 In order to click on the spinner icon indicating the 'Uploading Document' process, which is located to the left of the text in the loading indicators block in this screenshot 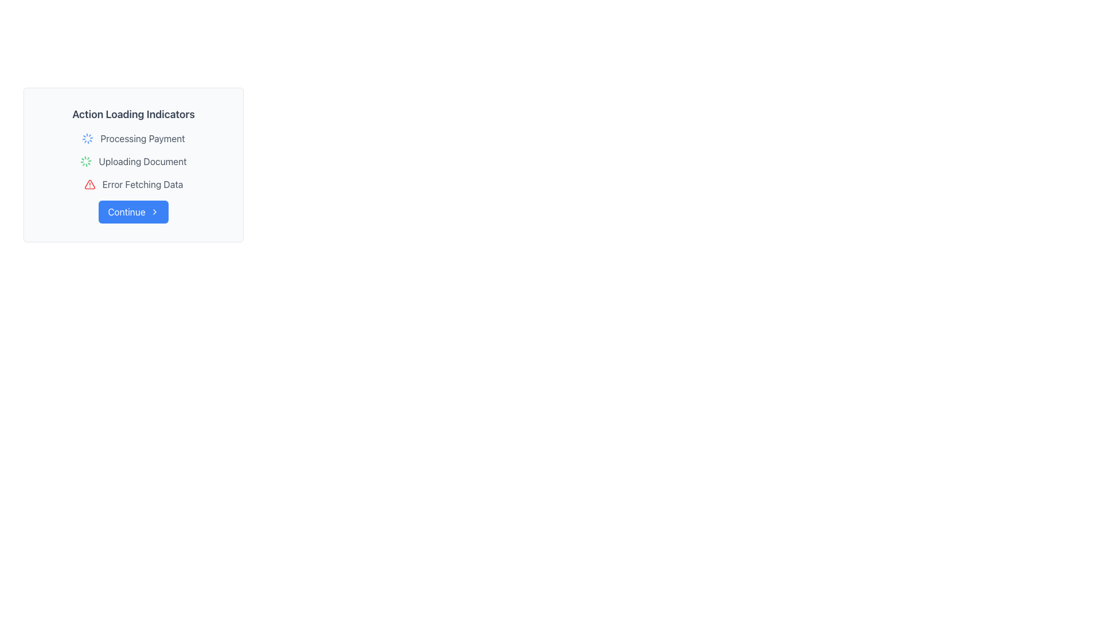, I will do `click(85, 161)`.